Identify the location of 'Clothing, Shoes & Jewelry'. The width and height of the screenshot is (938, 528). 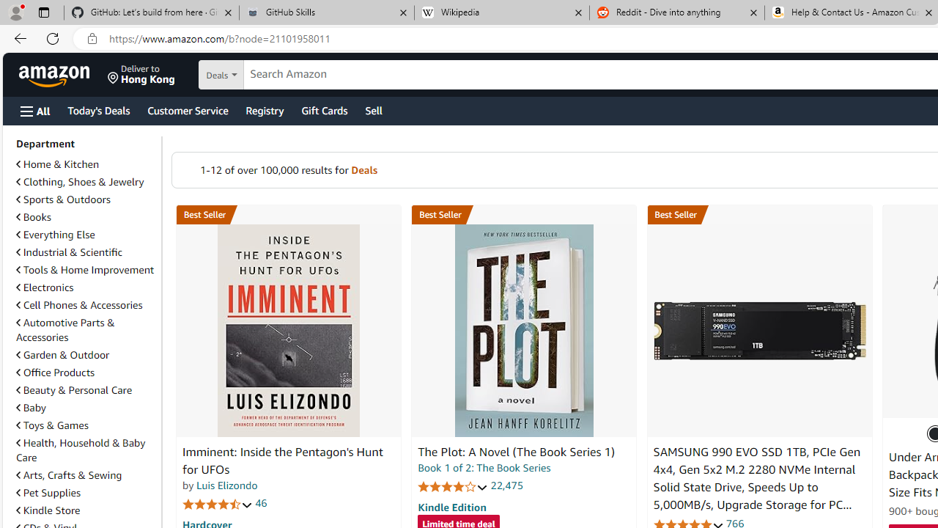
(85, 181).